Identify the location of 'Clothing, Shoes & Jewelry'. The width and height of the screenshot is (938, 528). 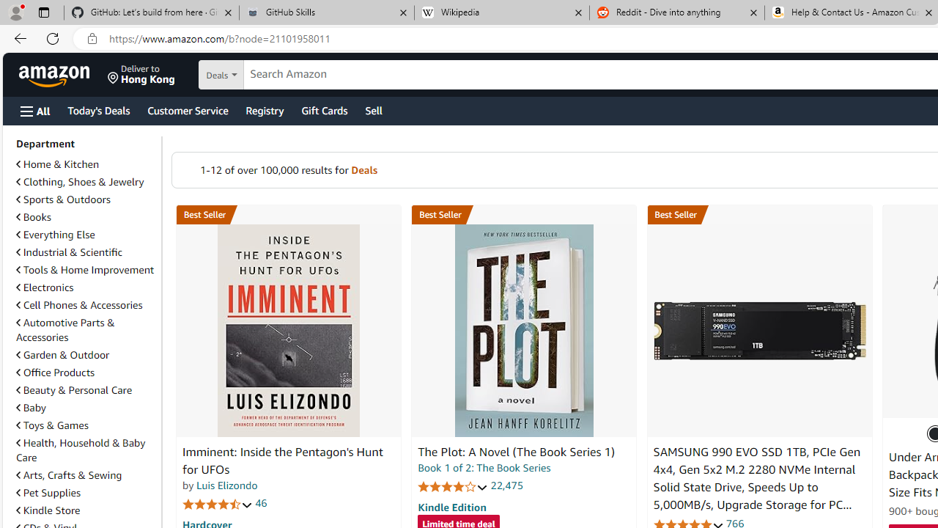
(85, 181).